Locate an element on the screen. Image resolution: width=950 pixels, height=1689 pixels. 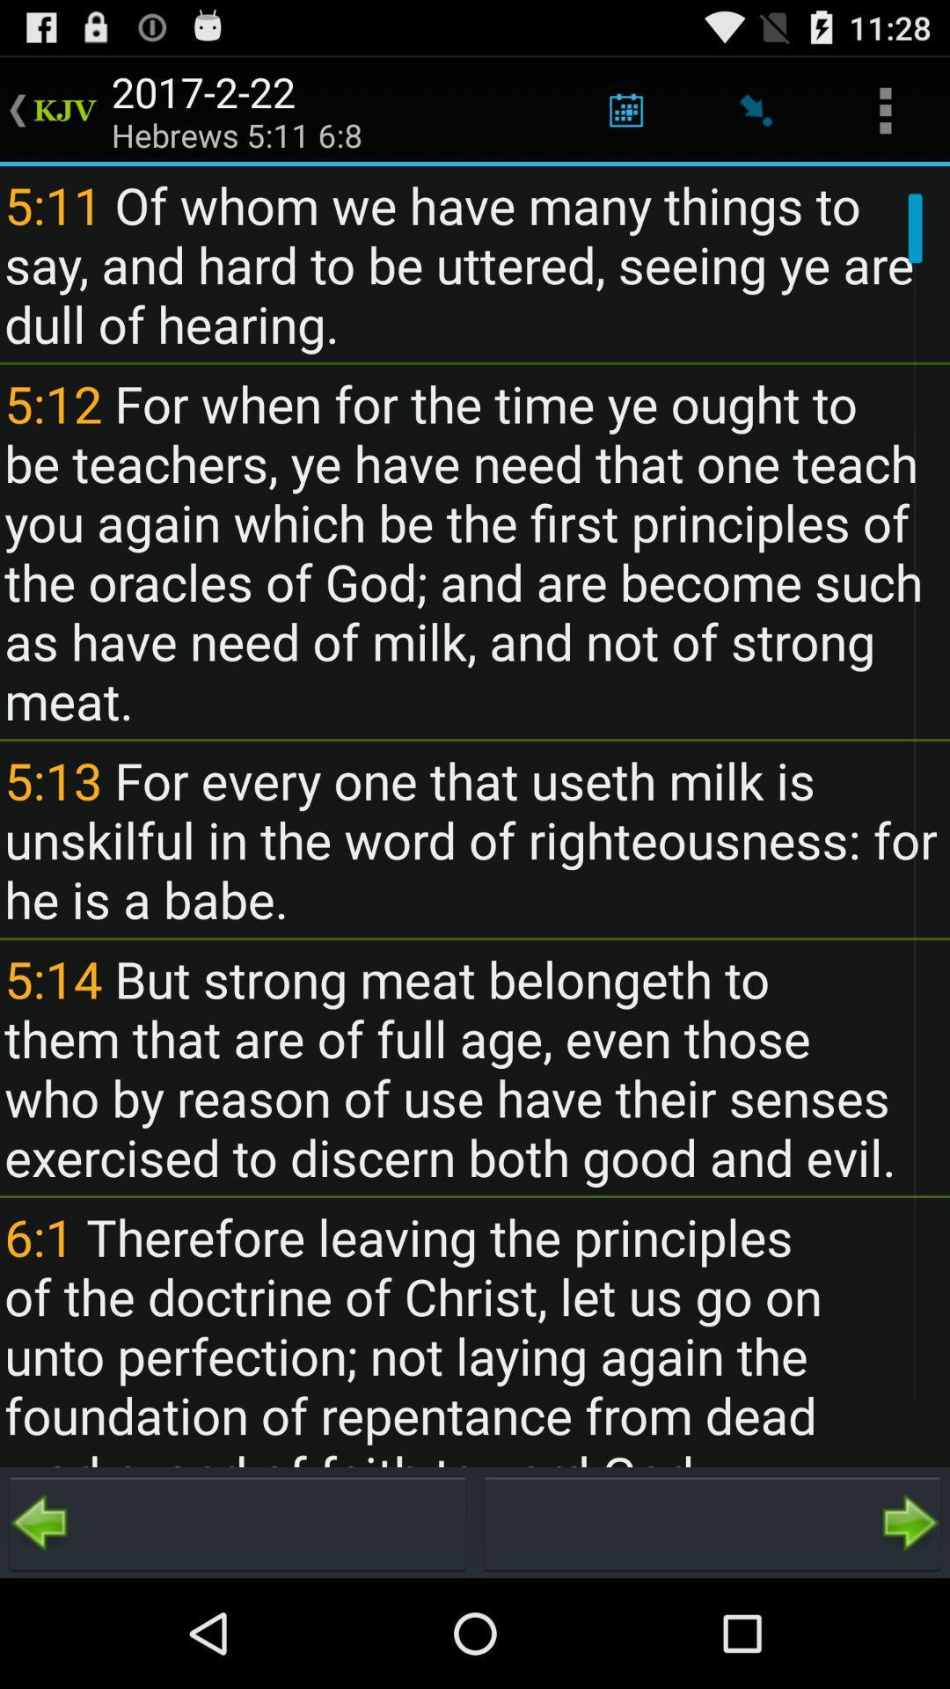
app above 5 11 of is located at coordinates (625, 109).